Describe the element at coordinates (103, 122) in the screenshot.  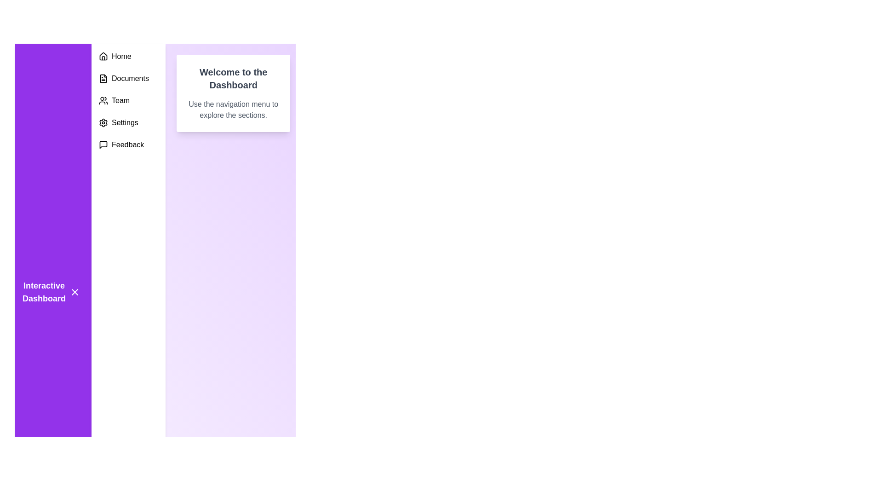
I see `the settings gear icon located in the vertical navigation sidebar` at that location.